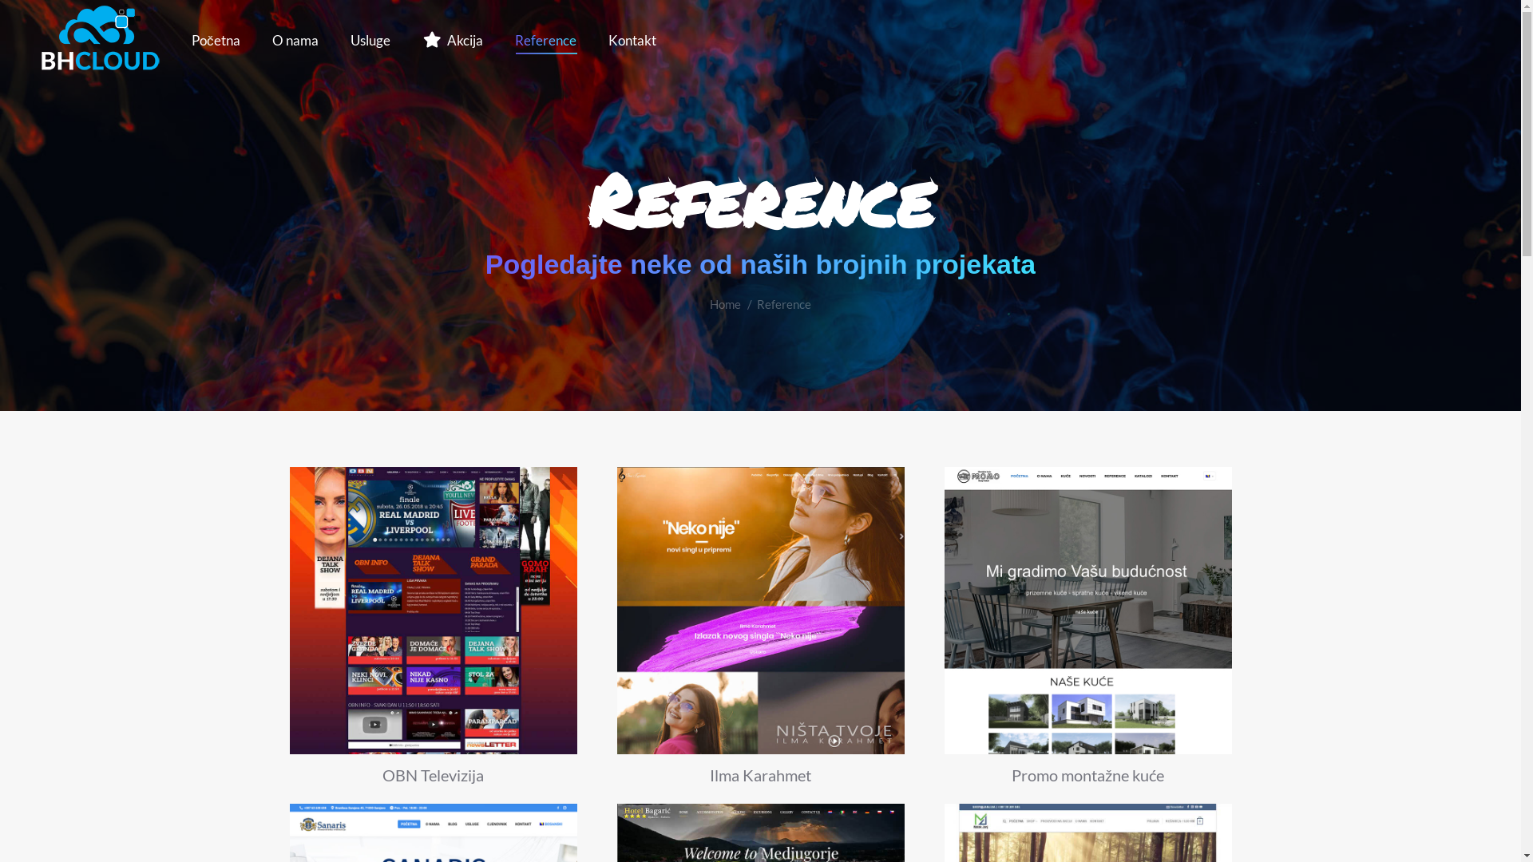 This screenshot has width=1533, height=862. Describe the element at coordinates (545, 39) in the screenshot. I see `'Reference'` at that location.